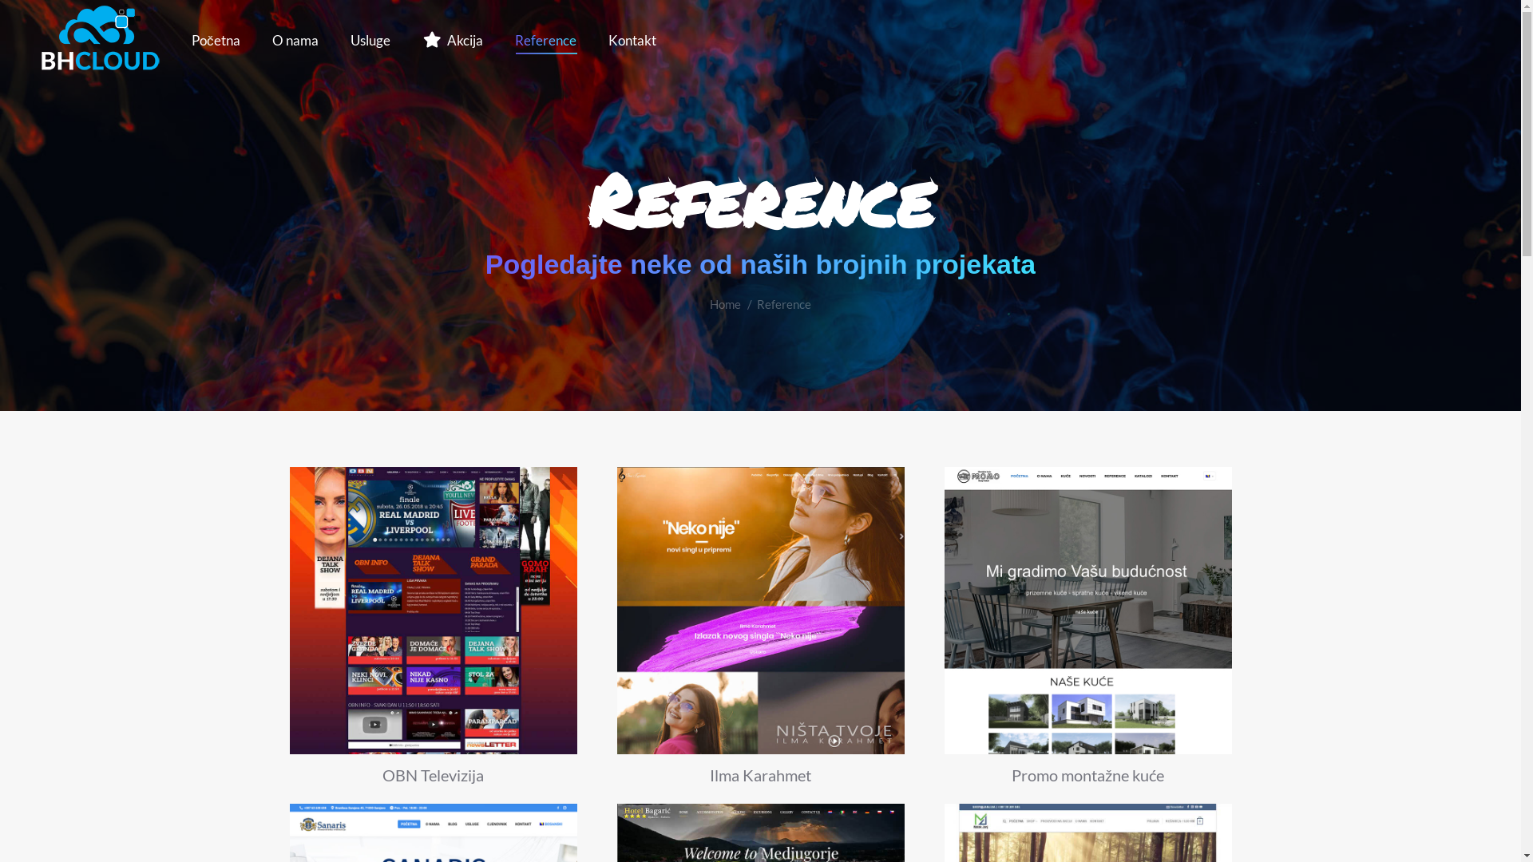 This screenshot has width=1533, height=862. Describe the element at coordinates (545, 39) in the screenshot. I see `'Reference'` at that location.